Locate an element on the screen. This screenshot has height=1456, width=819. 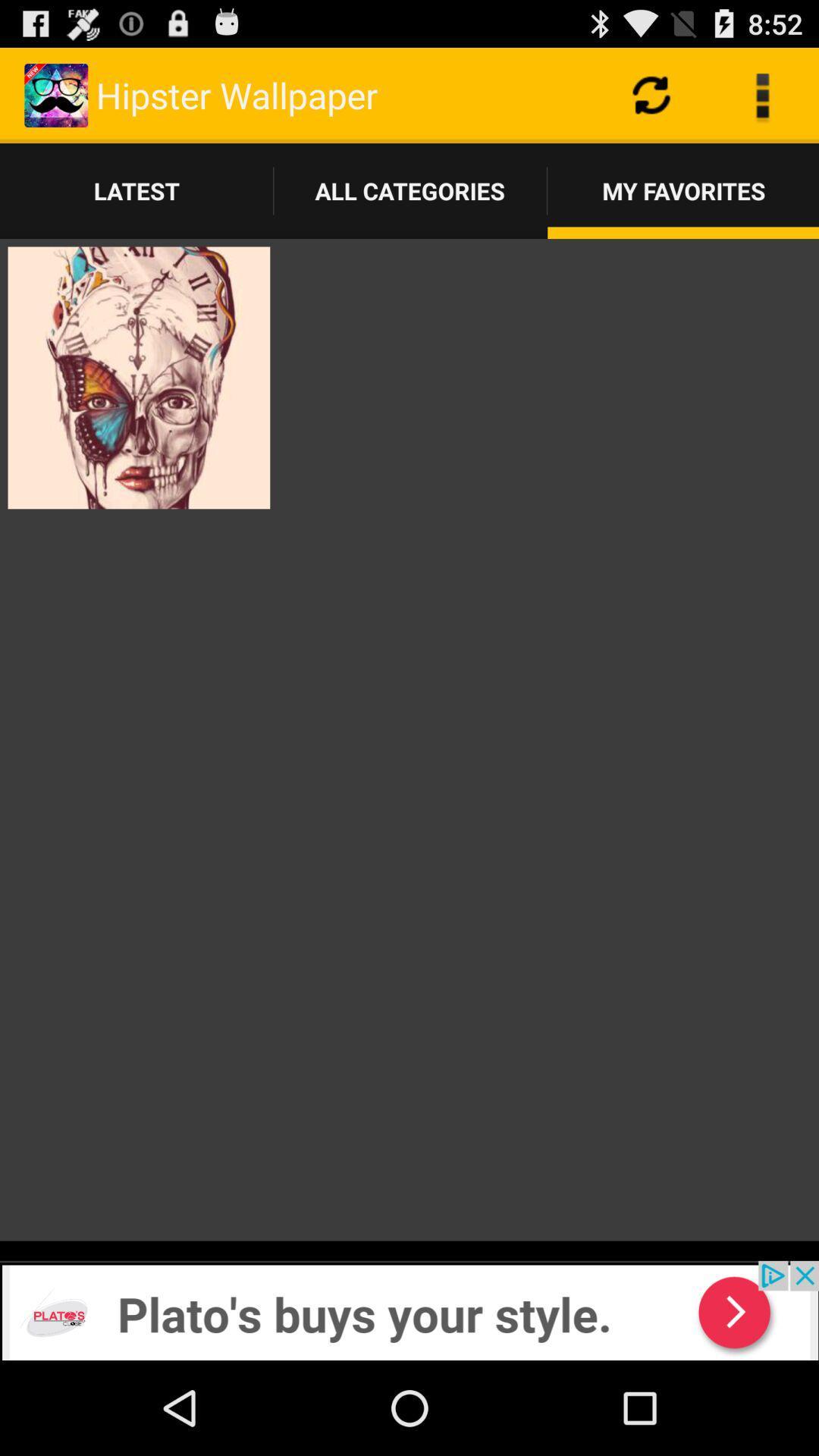
open advertisement is located at coordinates (409, 1310).